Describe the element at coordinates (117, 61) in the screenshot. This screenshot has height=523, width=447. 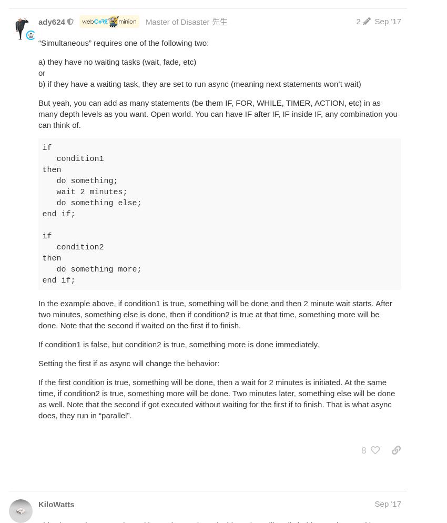
I see `'a) they have no waiting tasks (wait, fade, etc)'` at that location.